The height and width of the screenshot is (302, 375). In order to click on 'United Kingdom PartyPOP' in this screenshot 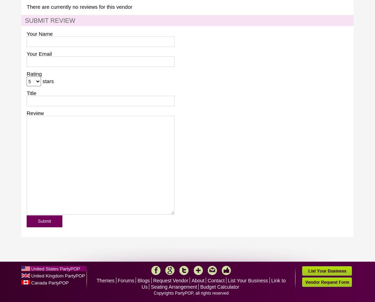, I will do `click(58, 276)`.